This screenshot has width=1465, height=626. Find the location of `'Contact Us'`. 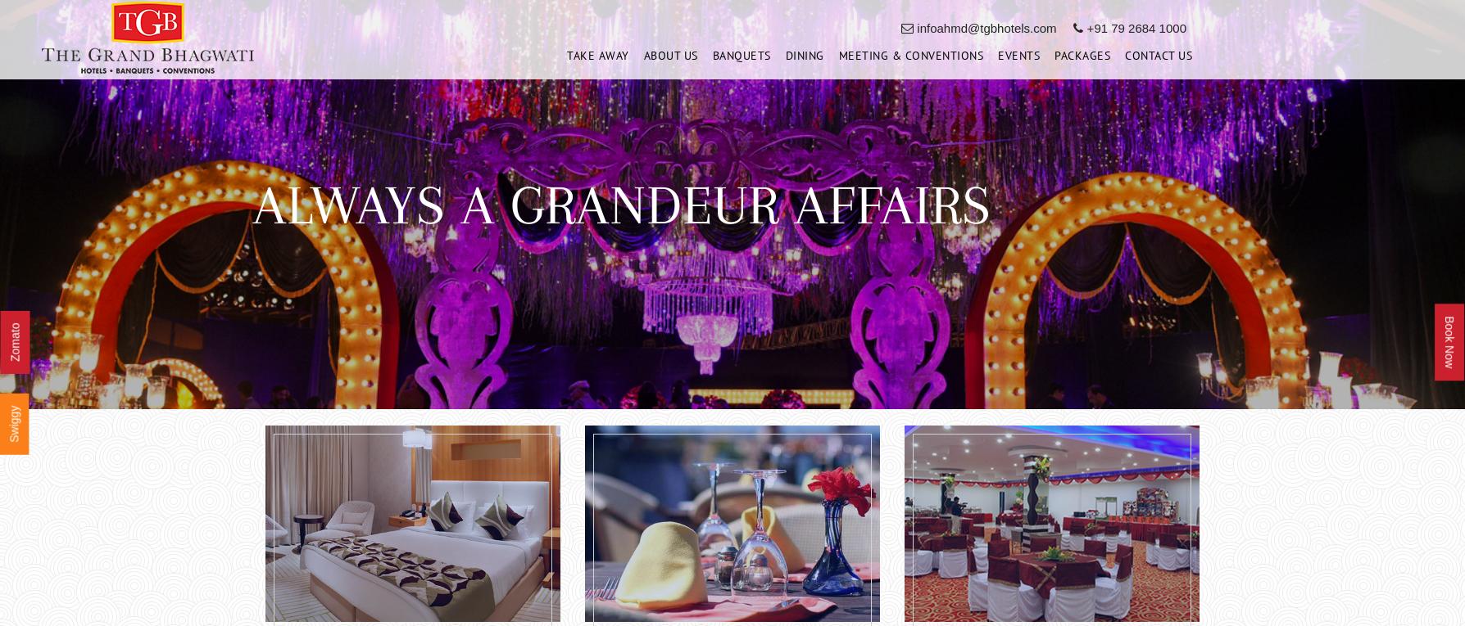

'Contact Us' is located at coordinates (1158, 59).